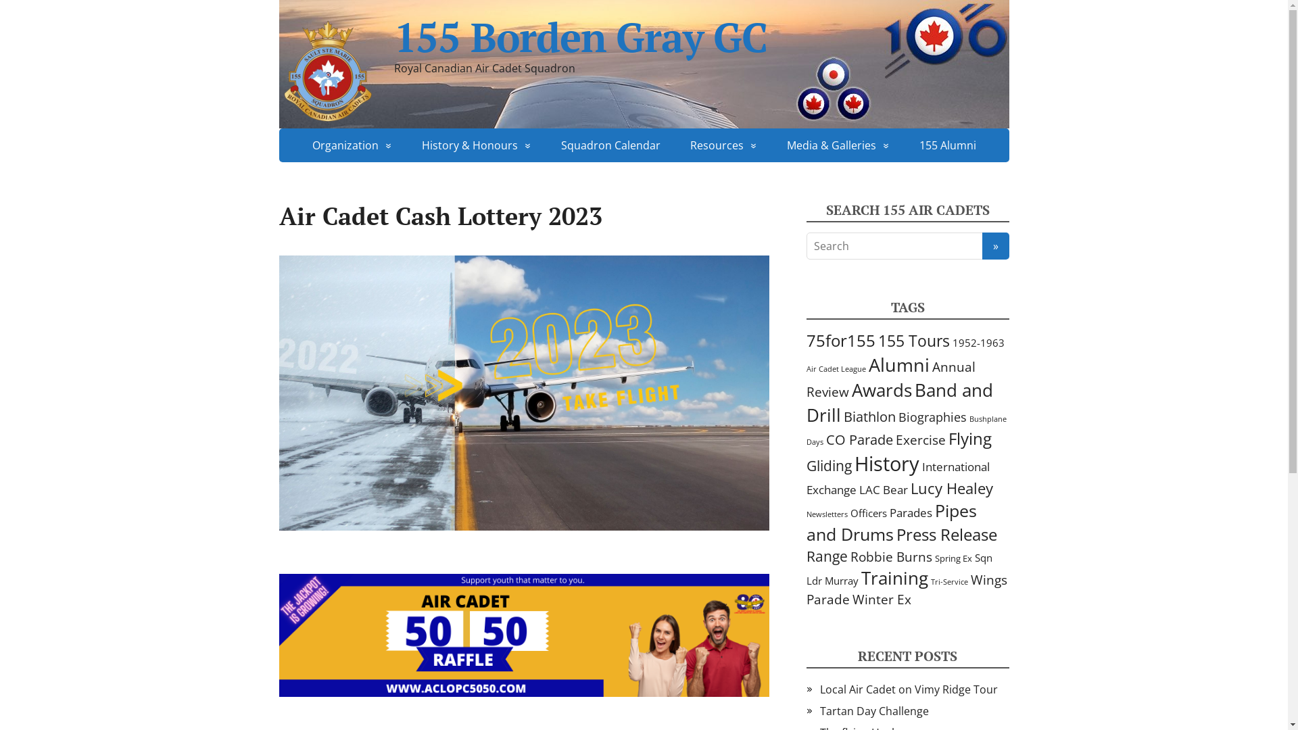  Describe the element at coordinates (946, 533) in the screenshot. I see `'Press Release'` at that location.